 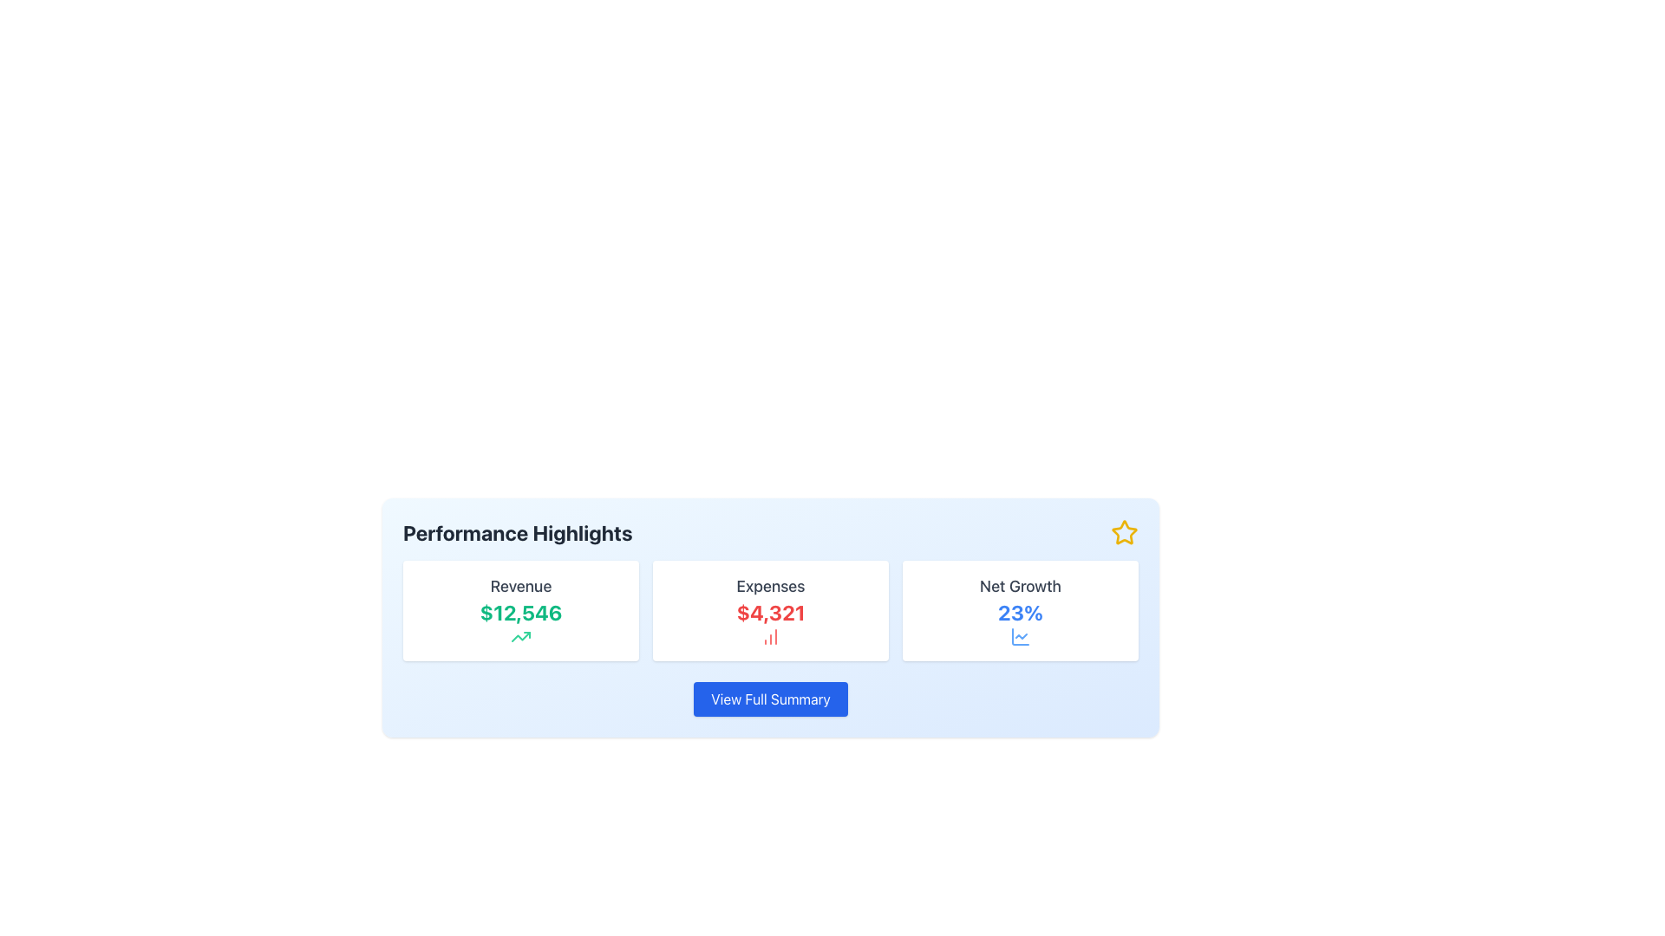 I want to click on displayed data from the Informational card showing 'Expenses' at the top, '$4,321' in the center, and a bar chart icon at the bottom, so click(x=769, y=610).